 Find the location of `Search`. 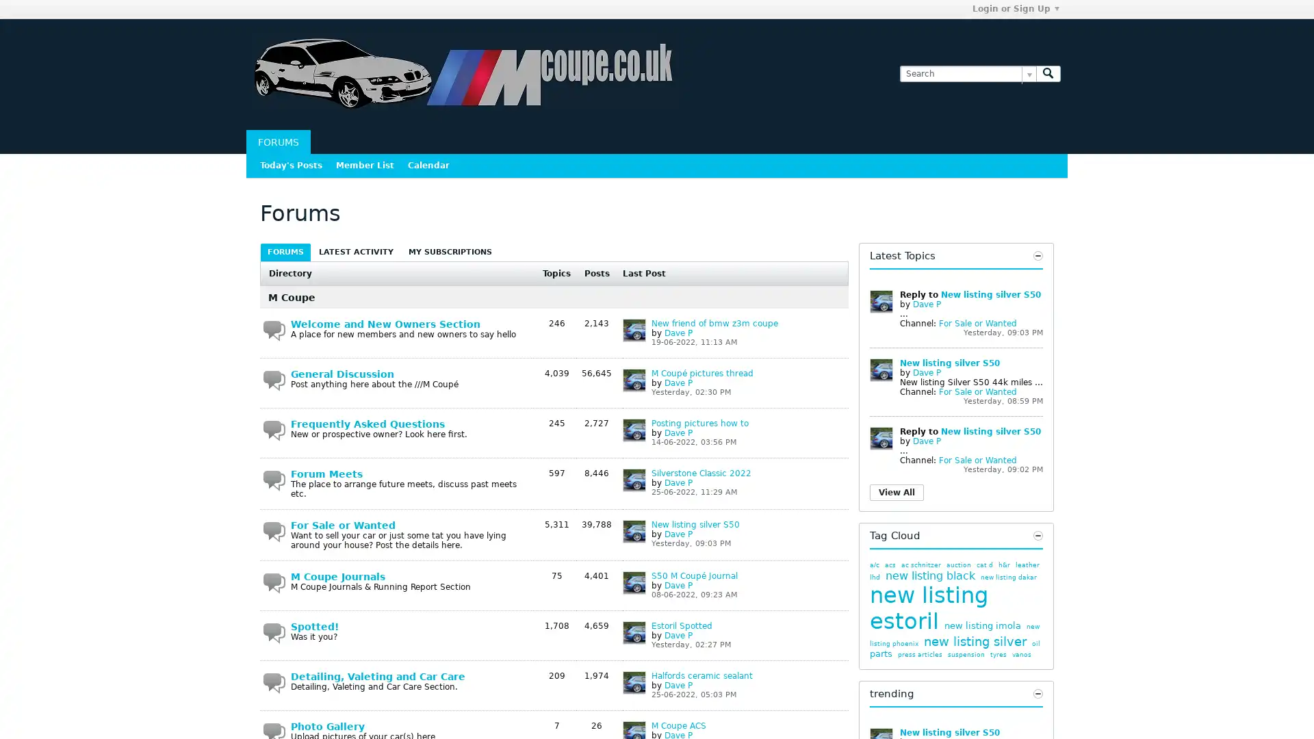

Search is located at coordinates (1047, 73).